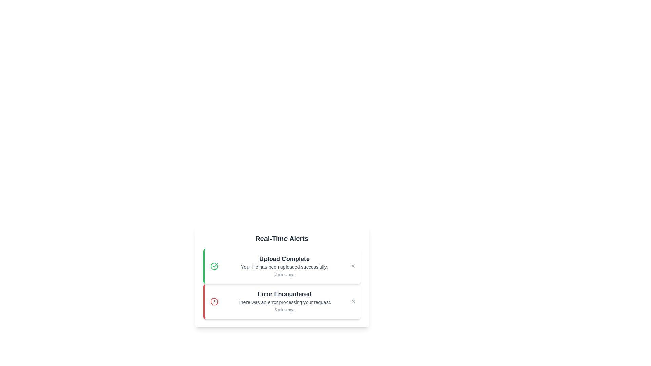 Image resolution: width=651 pixels, height=366 pixels. I want to click on the text label displaying 'Your file has been uploaded successfully.' which is located beneath the 'Upload Complete' heading in the notification card, so click(284, 266).